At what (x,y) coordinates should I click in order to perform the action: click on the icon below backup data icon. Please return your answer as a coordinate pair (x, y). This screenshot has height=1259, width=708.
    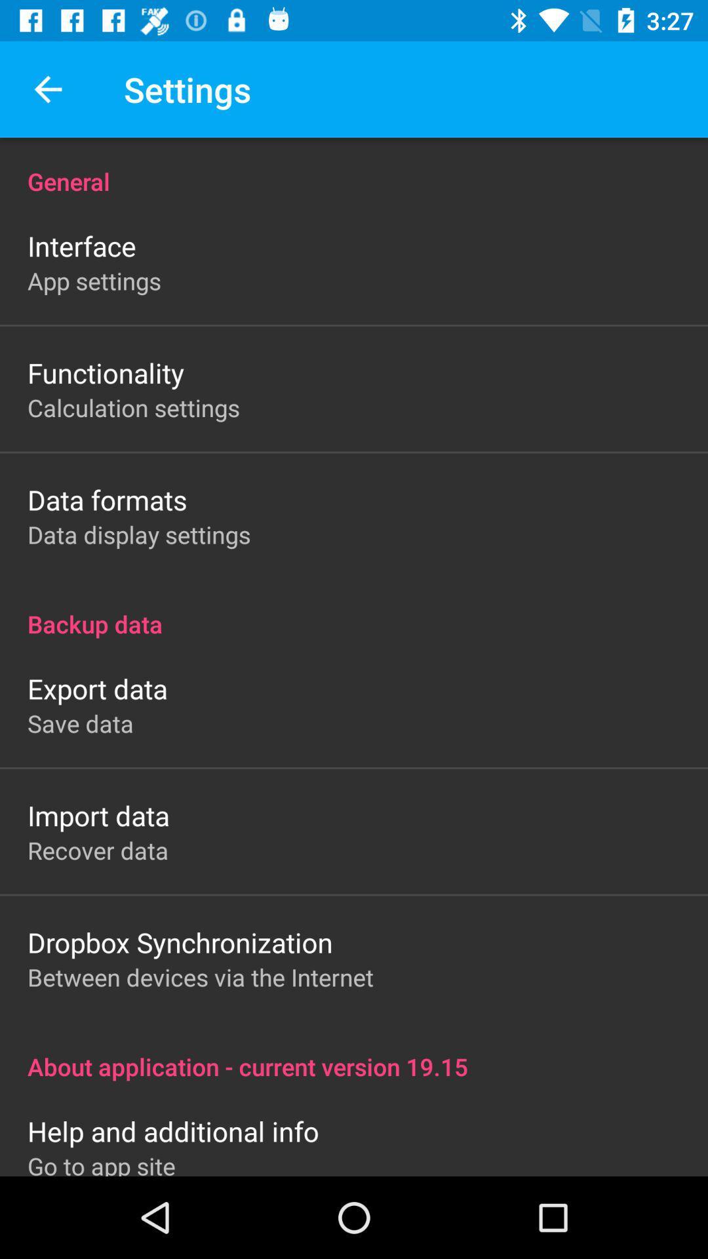
    Looking at the image, I should click on (96, 688).